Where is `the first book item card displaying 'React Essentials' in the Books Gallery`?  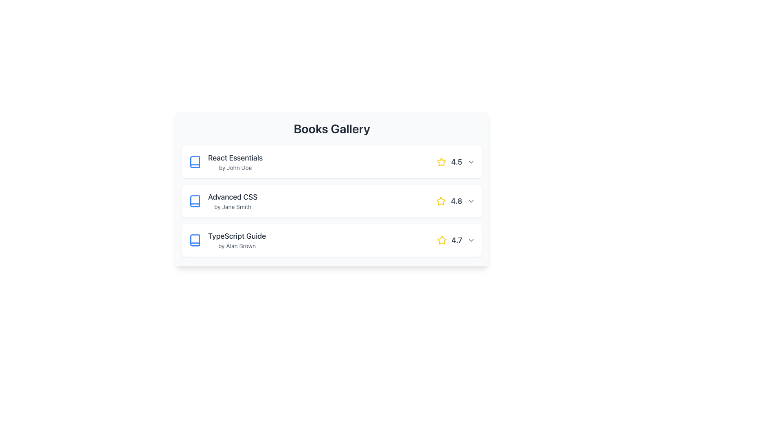 the first book item card displaying 'React Essentials' in the Books Gallery is located at coordinates (332, 162).